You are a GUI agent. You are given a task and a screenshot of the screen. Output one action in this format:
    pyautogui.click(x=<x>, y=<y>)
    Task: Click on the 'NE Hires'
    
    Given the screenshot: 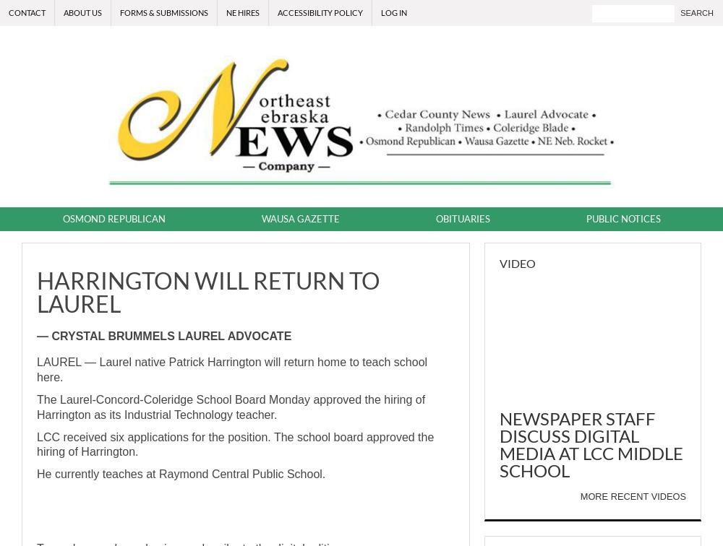 What is the action you would take?
    pyautogui.click(x=226, y=12)
    